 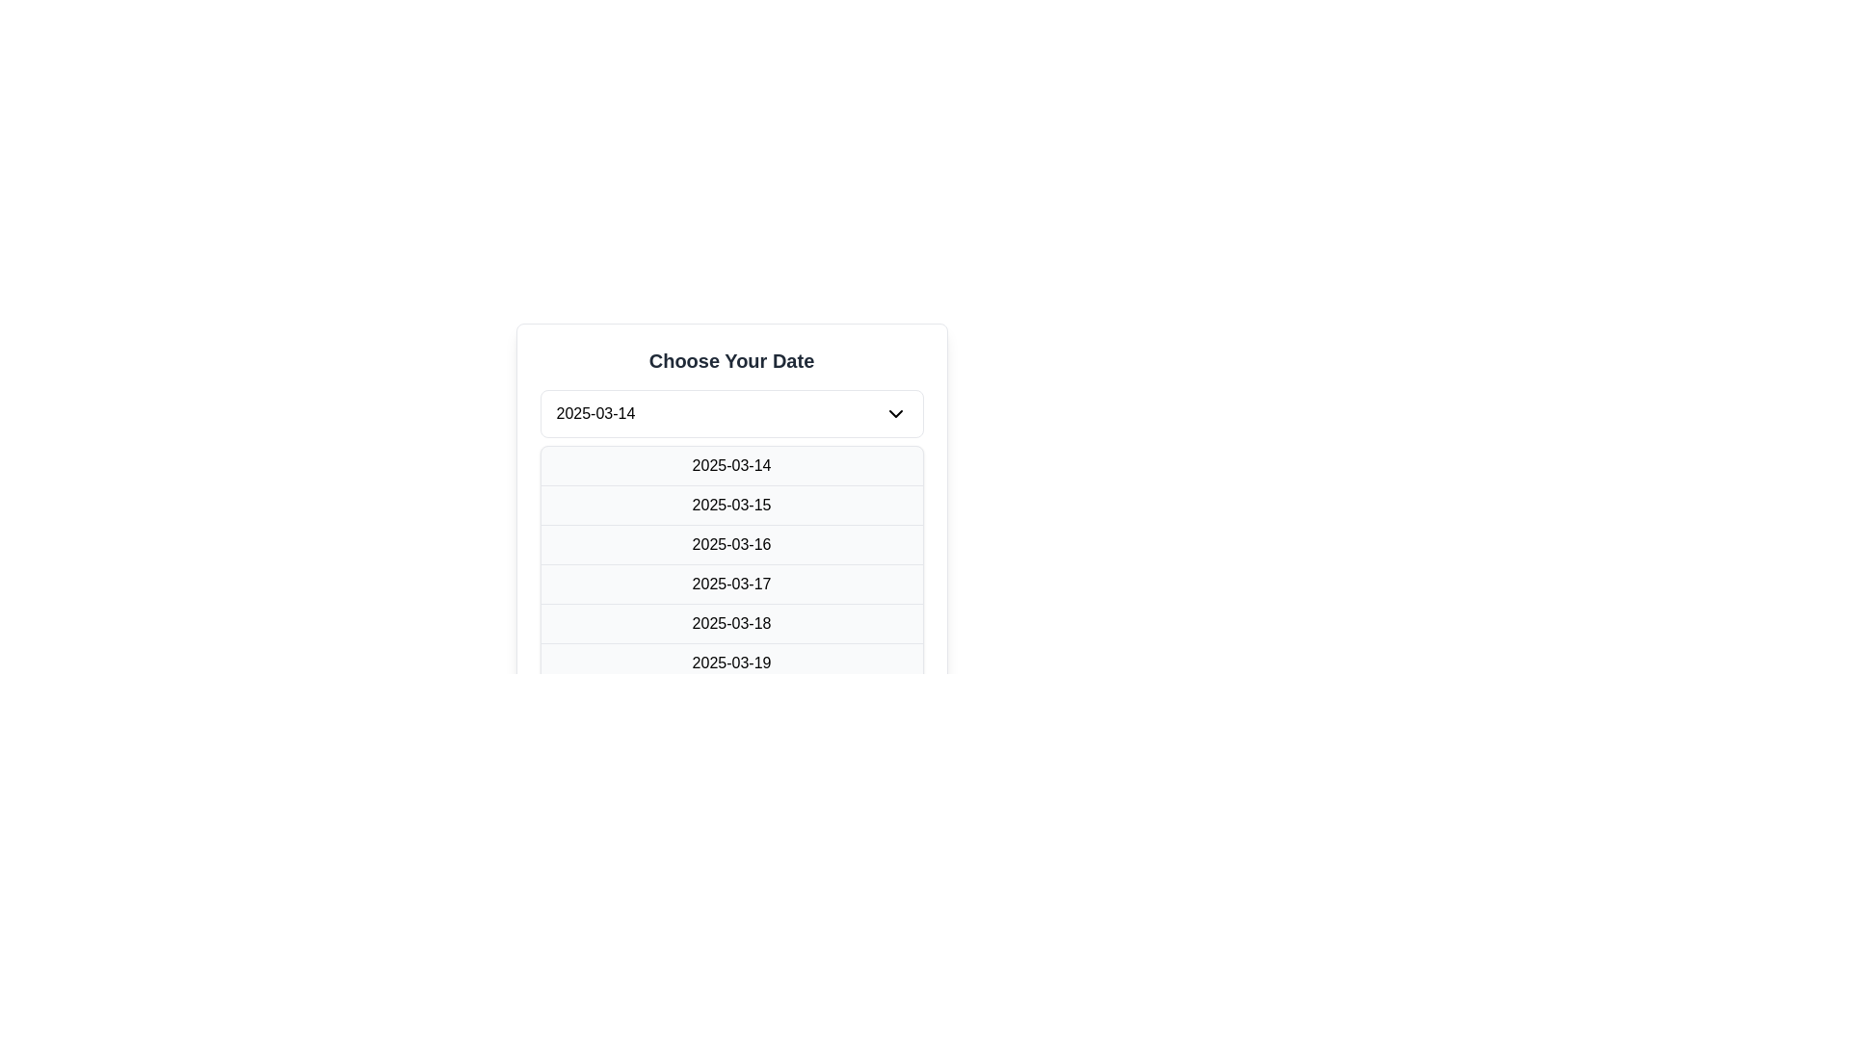 What do you see at coordinates (730, 485) in the screenshot?
I see `the date selection box labeled '2025-03-15' in the dropdown menu below 'Choose Your Date'` at bounding box center [730, 485].